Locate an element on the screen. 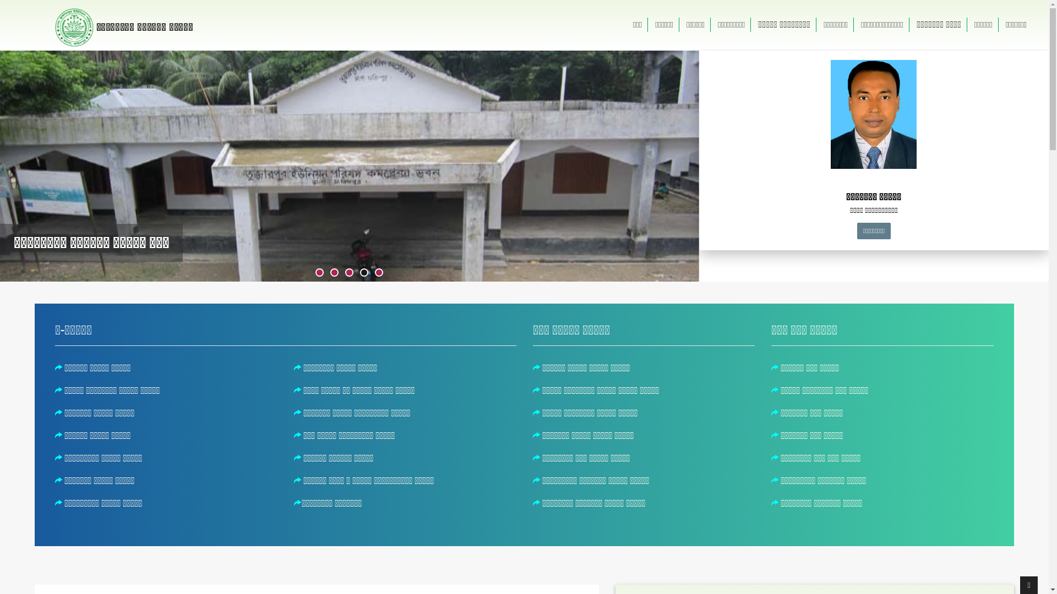  '3' is located at coordinates (345, 272).